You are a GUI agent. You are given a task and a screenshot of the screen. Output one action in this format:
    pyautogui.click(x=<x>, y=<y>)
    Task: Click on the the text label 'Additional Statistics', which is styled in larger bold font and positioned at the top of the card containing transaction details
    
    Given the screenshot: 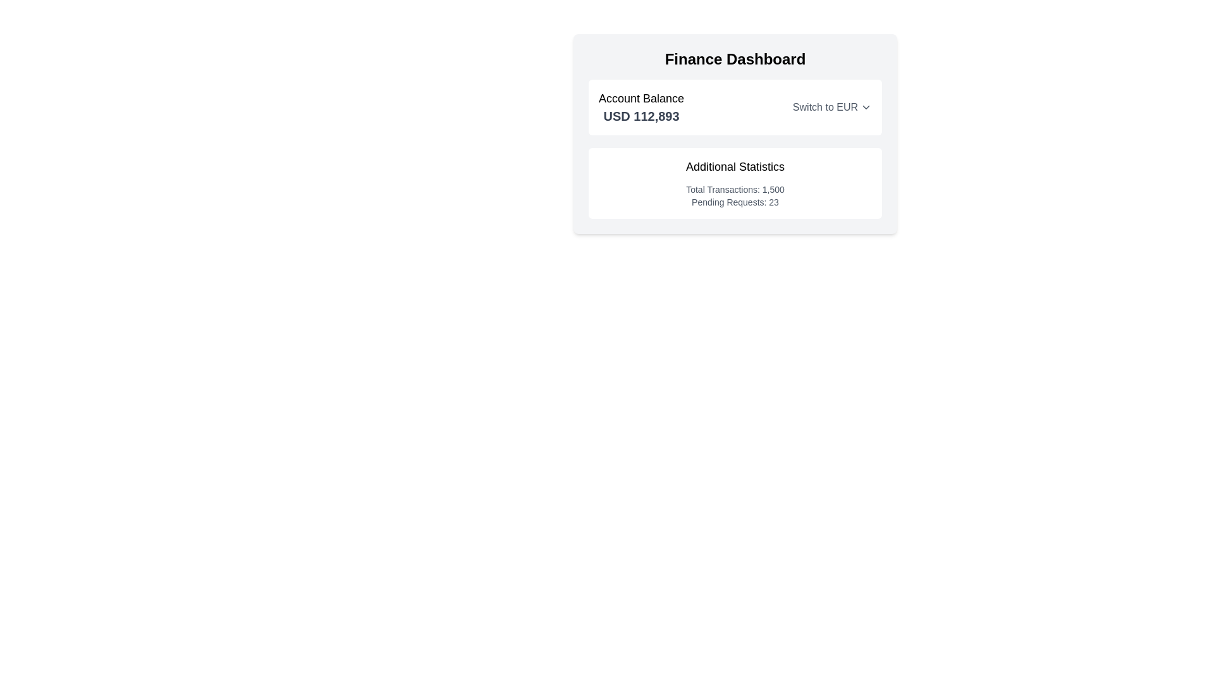 What is the action you would take?
    pyautogui.click(x=735, y=166)
    